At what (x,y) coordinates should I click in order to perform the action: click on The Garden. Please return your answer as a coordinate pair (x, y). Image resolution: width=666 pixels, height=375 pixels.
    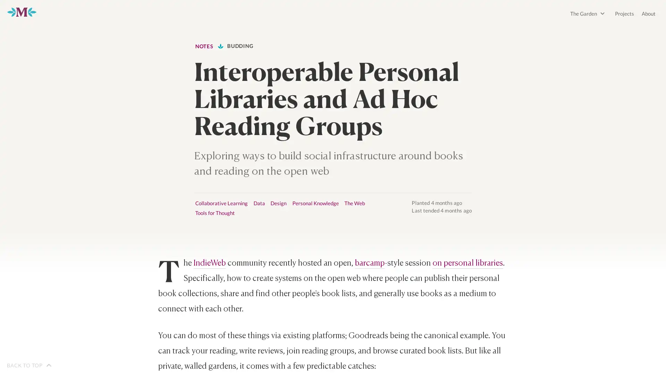
    Looking at the image, I should click on (584, 13).